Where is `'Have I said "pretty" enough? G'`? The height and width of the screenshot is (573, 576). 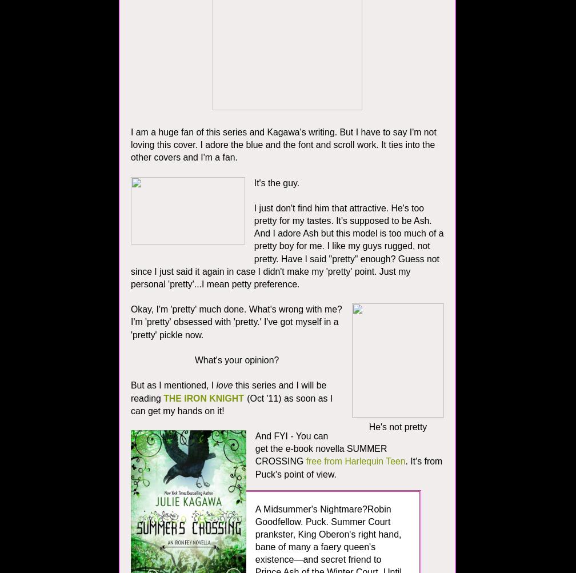
'Have I said "pretty" enough? G' is located at coordinates (343, 258).